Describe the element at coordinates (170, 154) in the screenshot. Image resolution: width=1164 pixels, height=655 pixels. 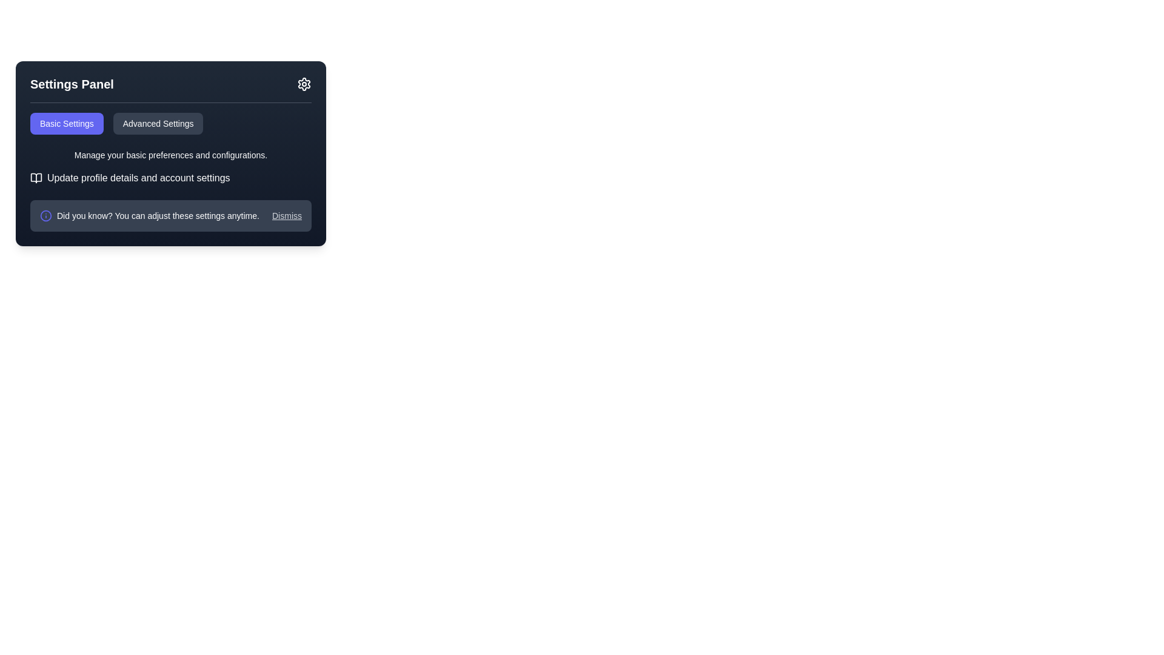
I see `the text label that says 'Manage your basic preferences and configurations.' which is displayed in a small font size and located below the 'Basic Settings' and 'Advanced Settings' tab buttons` at that location.